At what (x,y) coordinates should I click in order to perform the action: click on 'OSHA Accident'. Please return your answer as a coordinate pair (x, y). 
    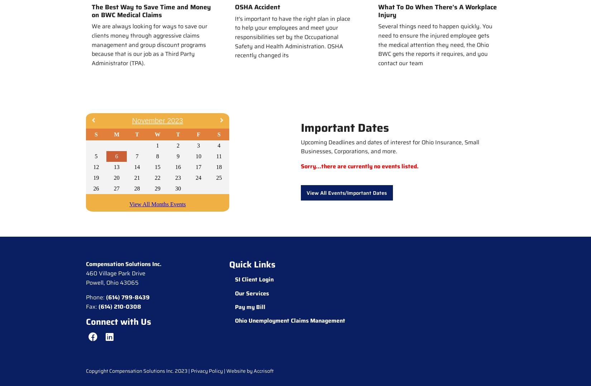
    Looking at the image, I should click on (257, 7).